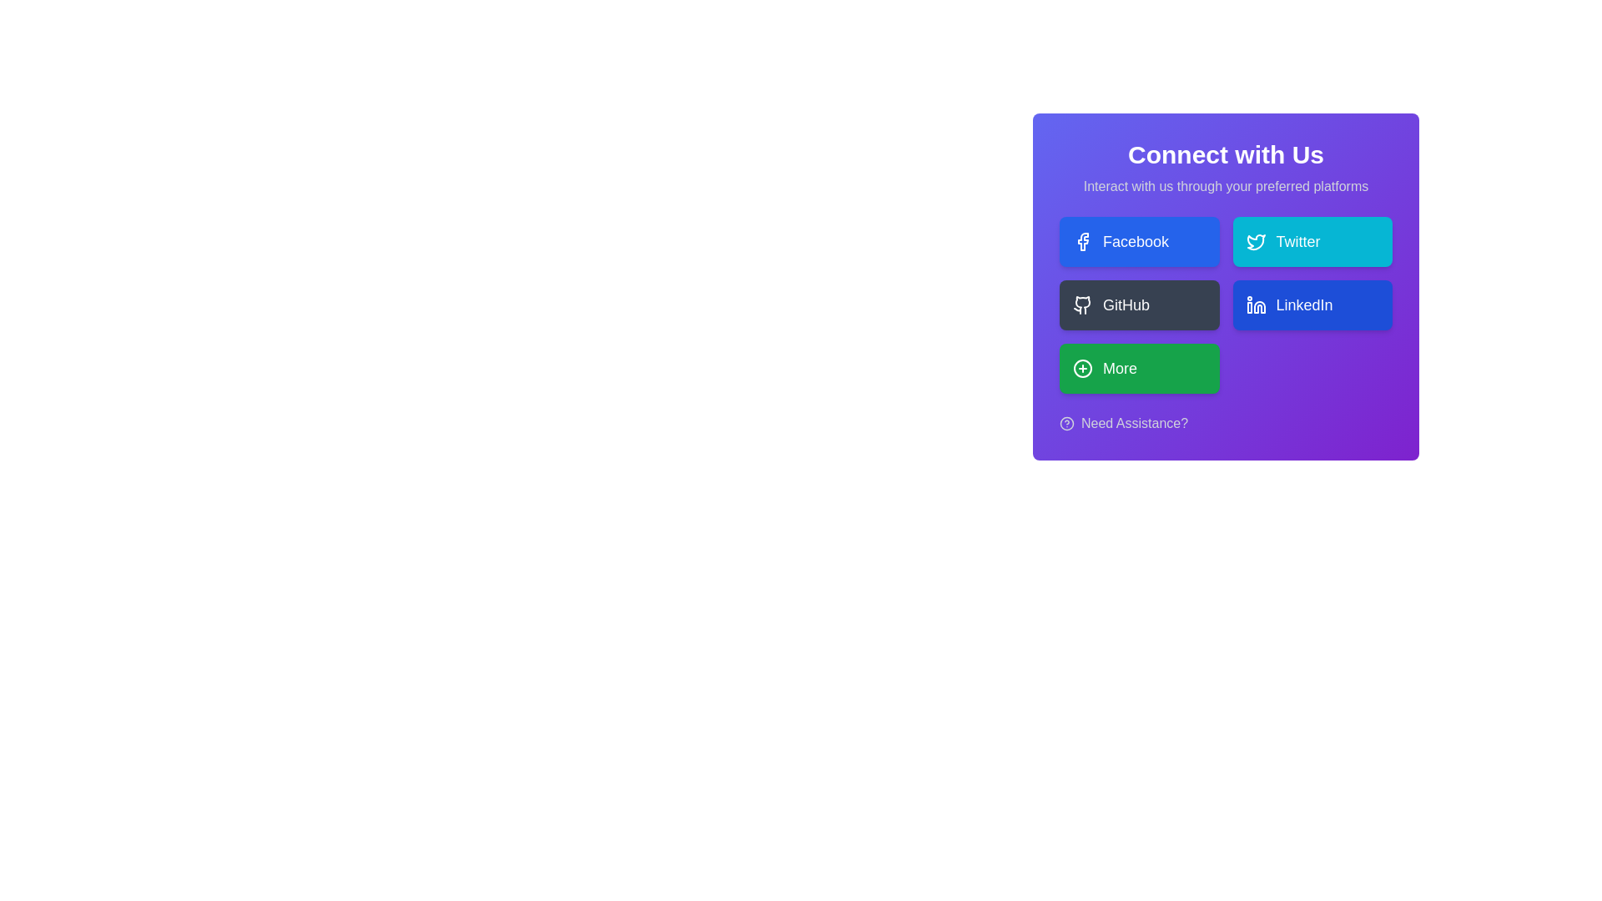 The image size is (1602, 901). I want to click on the 'Connect with Us' text label, which is prominently displayed in a purple shaded area, conveying importance with bold white text and smaller lighter text underneath, so click(1226, 168).